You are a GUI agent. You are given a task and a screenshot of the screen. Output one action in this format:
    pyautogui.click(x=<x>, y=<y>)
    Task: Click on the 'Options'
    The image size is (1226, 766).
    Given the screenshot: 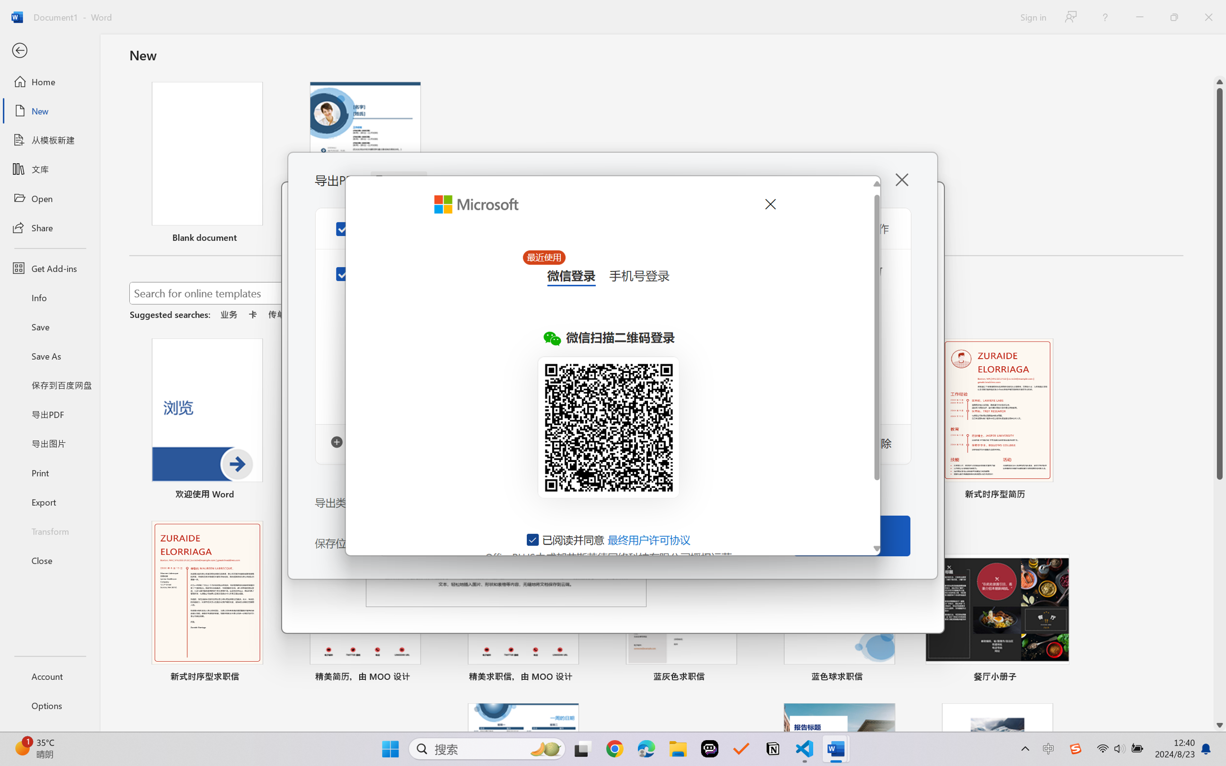 What is the action you would take?
    pyautogui.click(x=49, y=705)
    